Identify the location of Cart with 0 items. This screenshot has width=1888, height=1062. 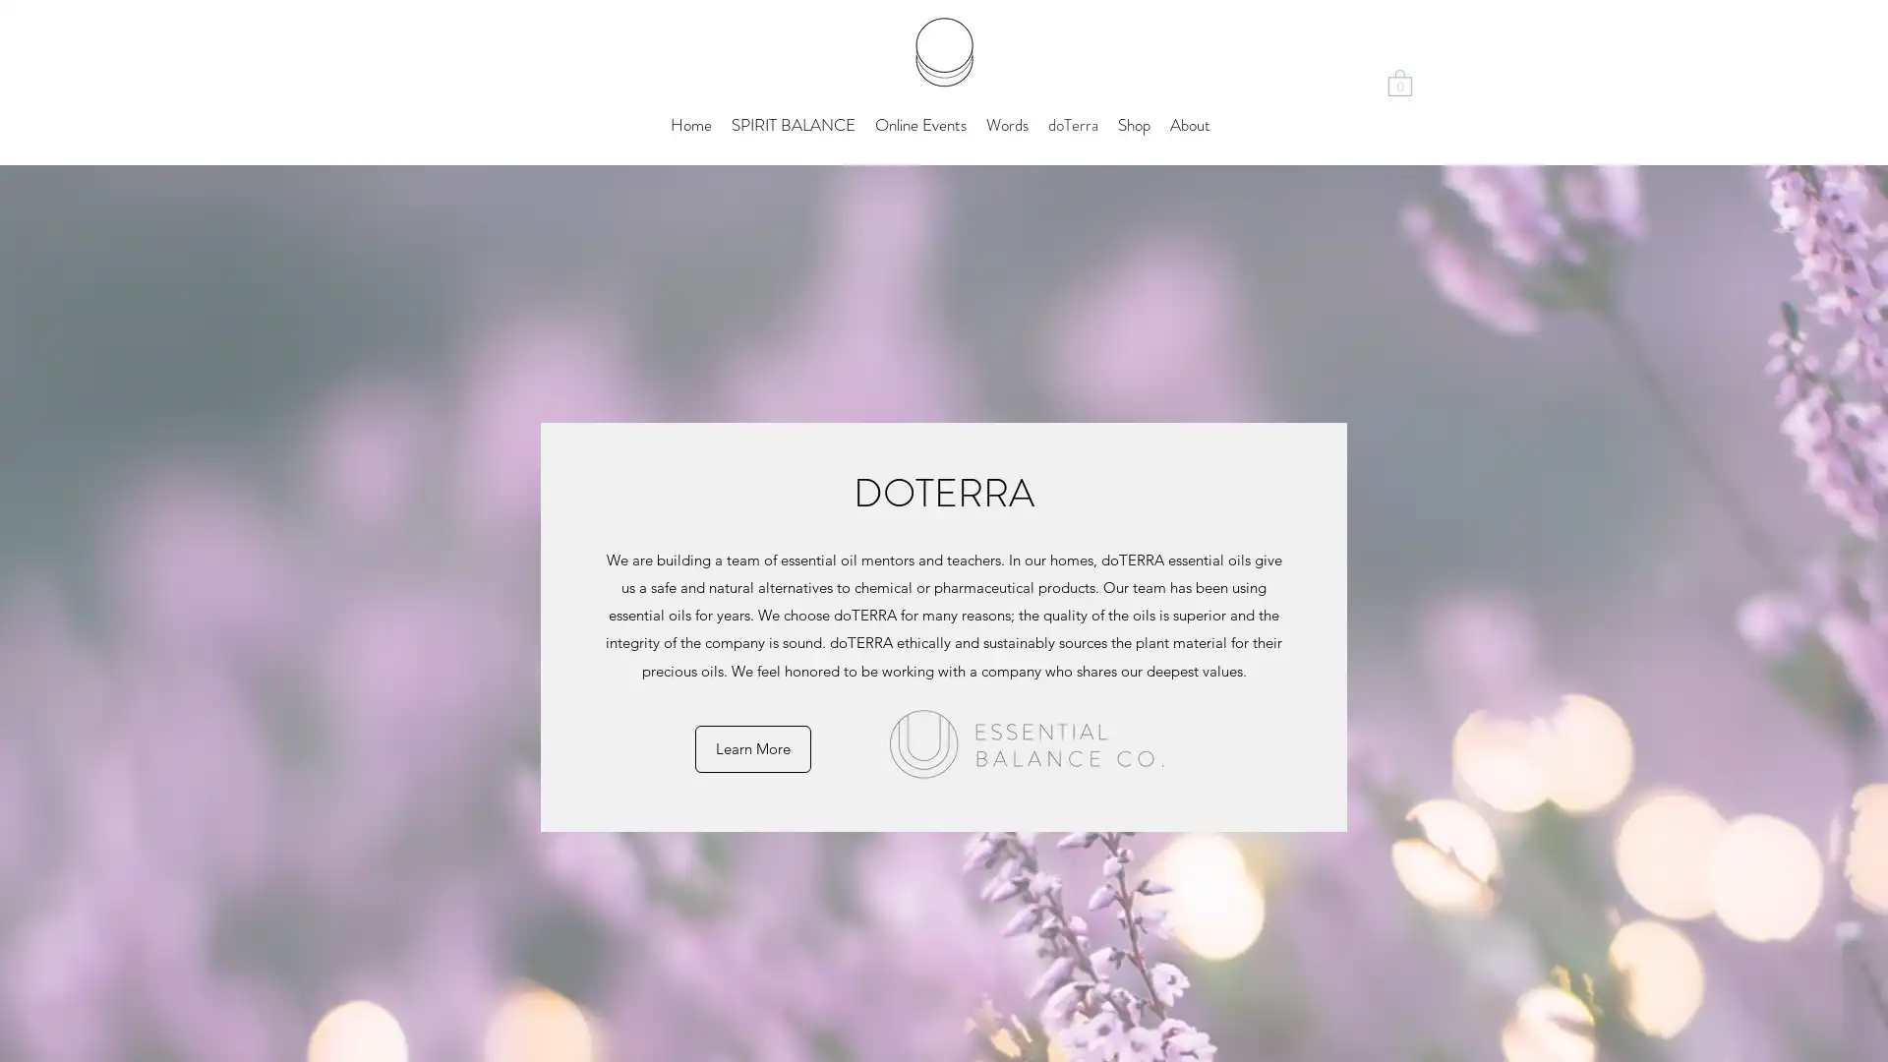
(1399, 81).